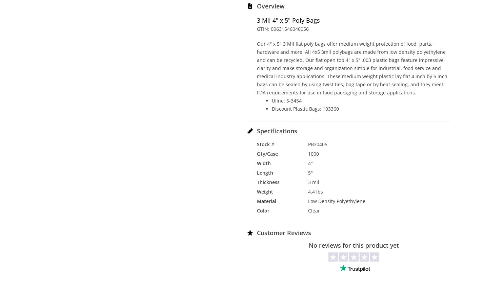  I want to click on '4 Mil Poly Bags', so click(242, 209).